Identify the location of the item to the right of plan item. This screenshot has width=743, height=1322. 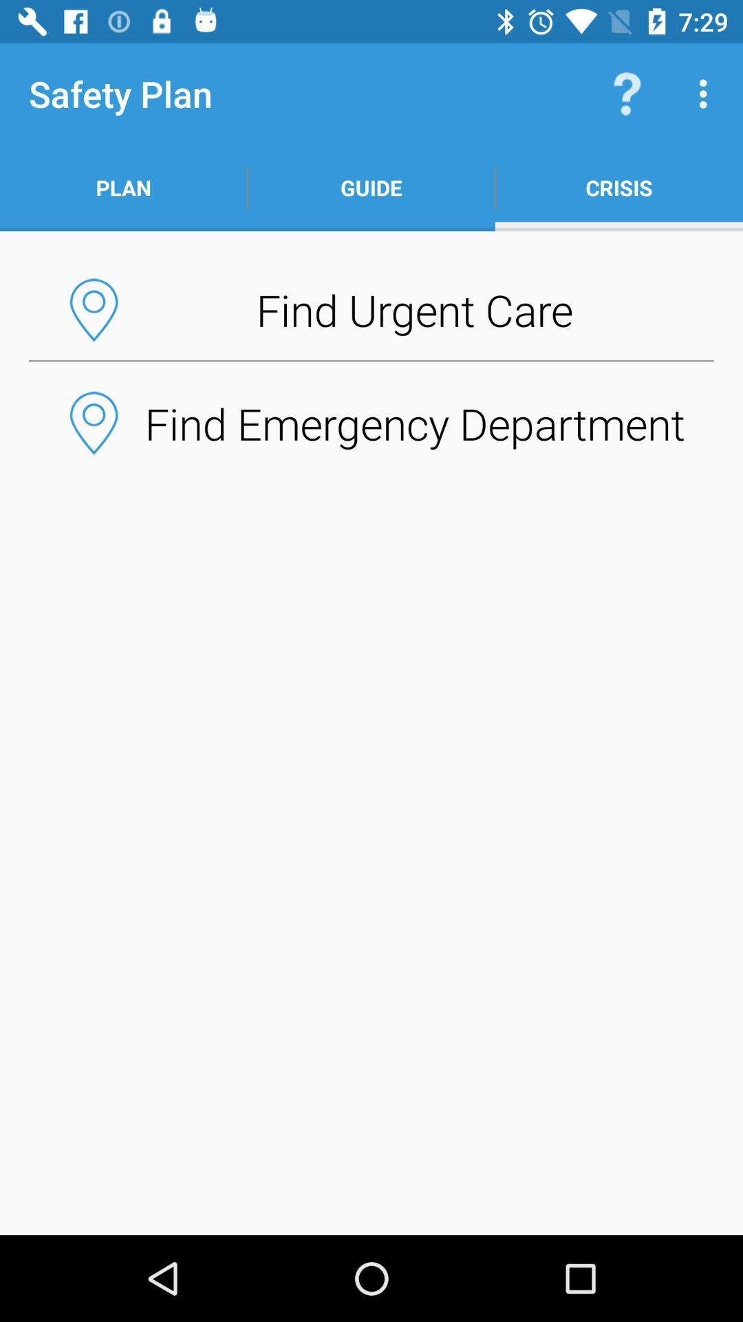
(371, 187).